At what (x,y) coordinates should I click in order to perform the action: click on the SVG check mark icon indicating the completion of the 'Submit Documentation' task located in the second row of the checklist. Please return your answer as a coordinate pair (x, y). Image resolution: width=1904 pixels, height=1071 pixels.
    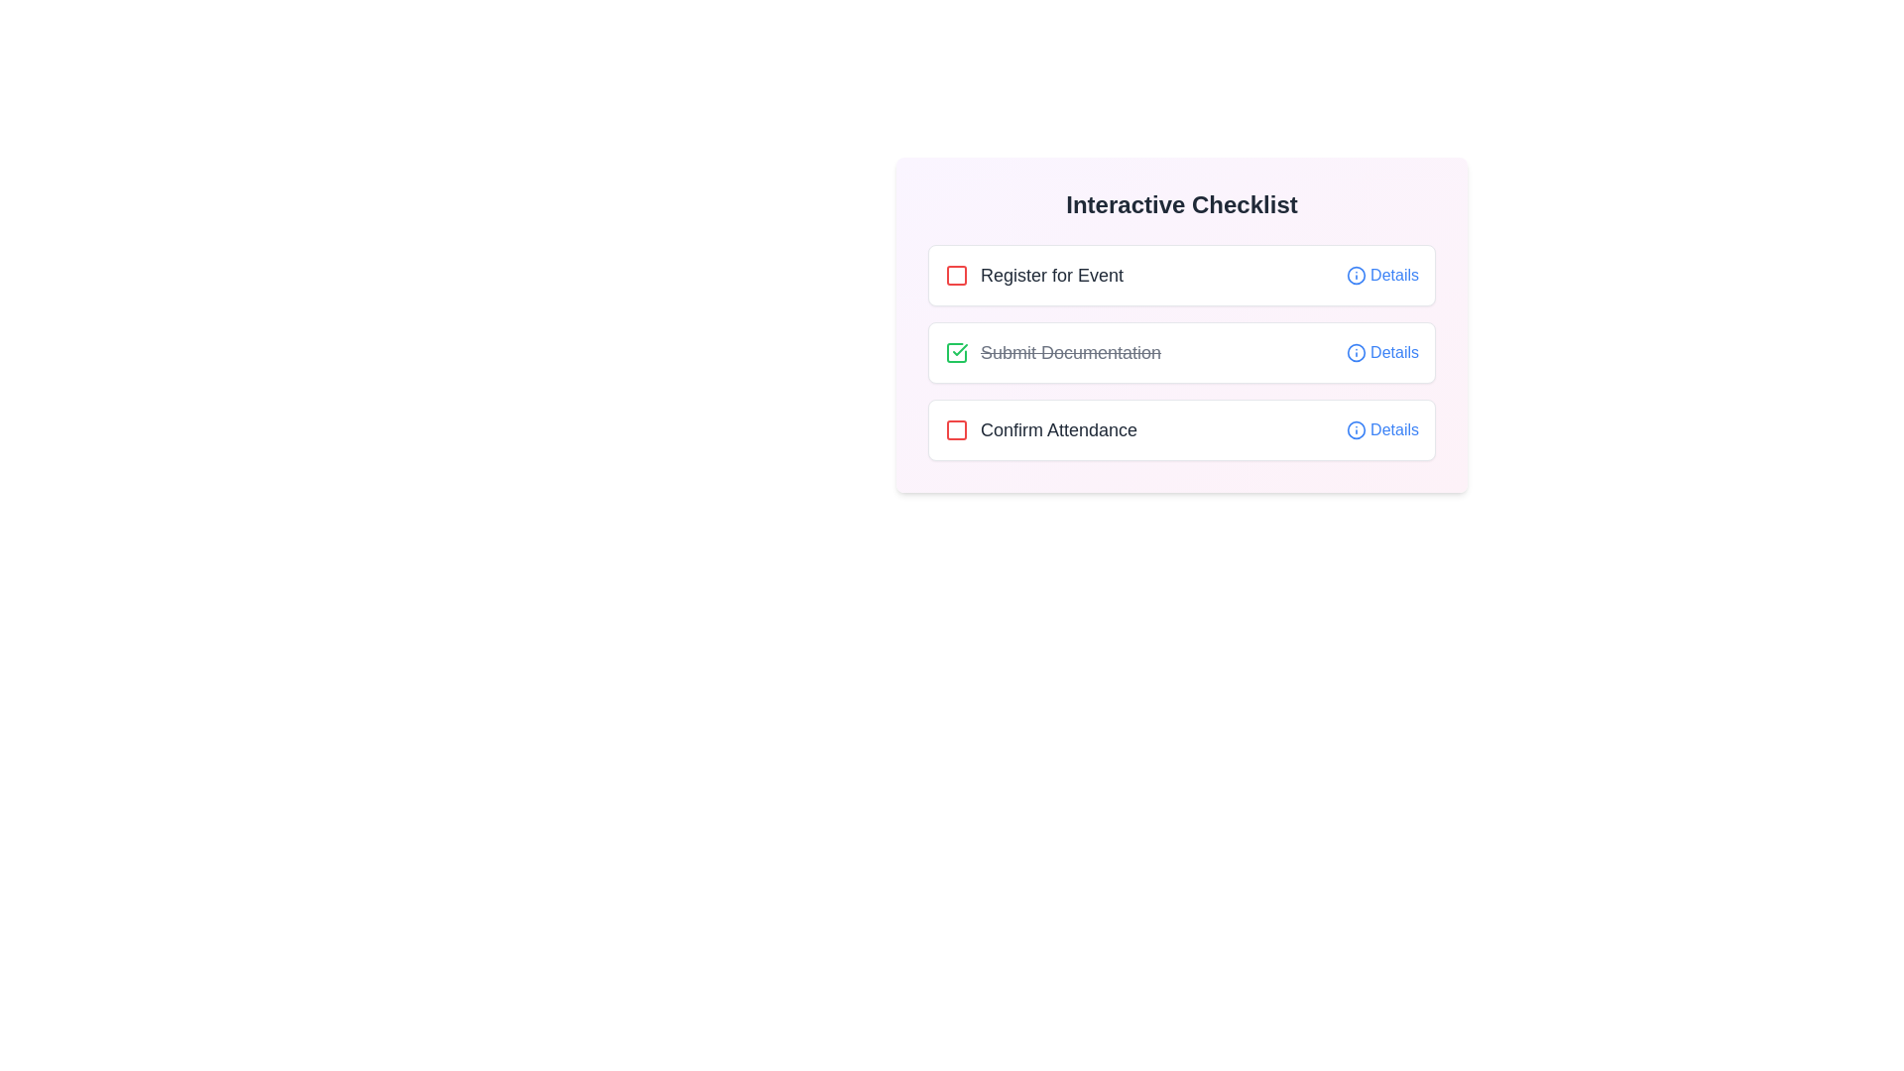
    Looking at the image, I should click on (960, 349).